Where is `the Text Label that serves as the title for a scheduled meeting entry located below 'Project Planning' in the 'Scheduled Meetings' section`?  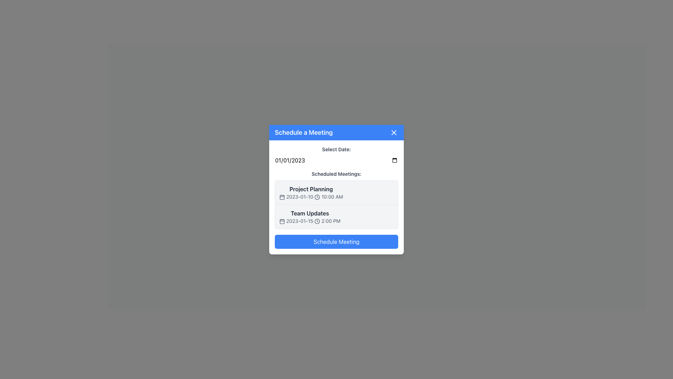 the Text Label that serves as the title for a scheduled meeting entry located below 'Project Planning' in the 'Scheduled Meetings' section is located at coordinates (310, 213).